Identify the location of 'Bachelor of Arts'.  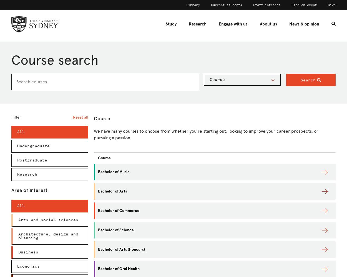
(112, 191).